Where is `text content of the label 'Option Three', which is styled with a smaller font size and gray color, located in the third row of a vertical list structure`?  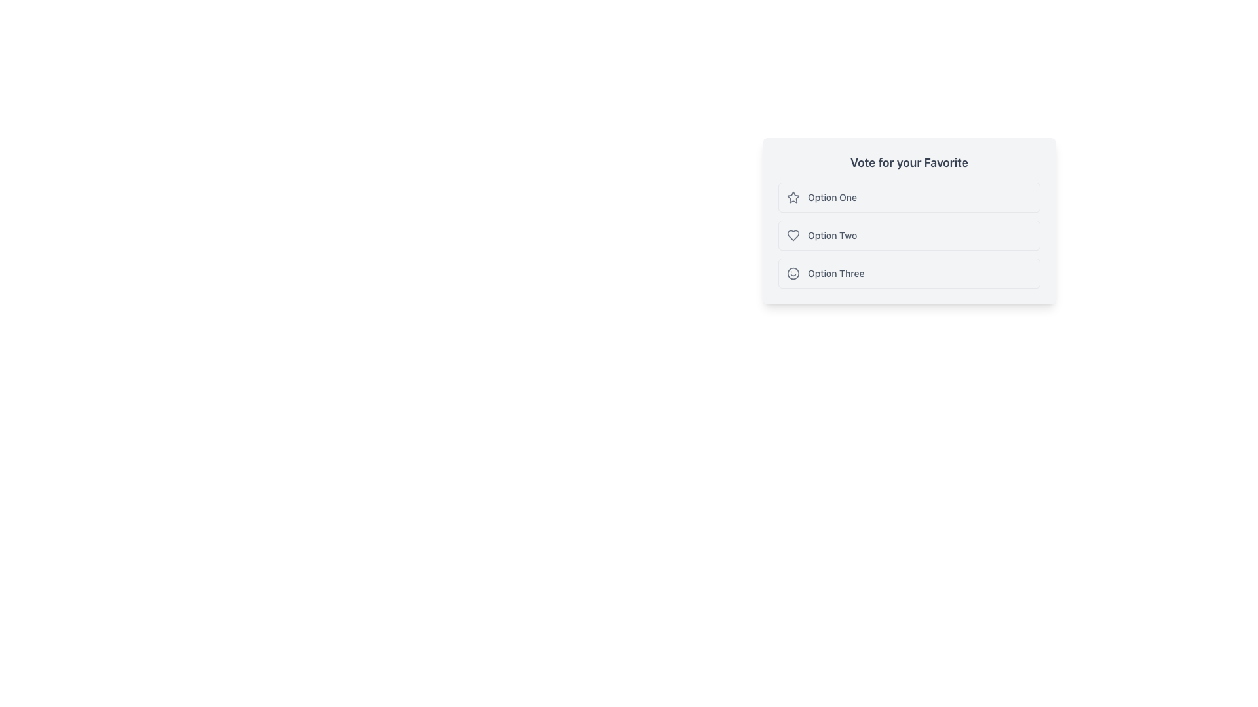 text content of the label 'Option Three', which is styled with a smaller font size and gray color, located in the third row of a vertical list structure is located at coordinates (835, 272).